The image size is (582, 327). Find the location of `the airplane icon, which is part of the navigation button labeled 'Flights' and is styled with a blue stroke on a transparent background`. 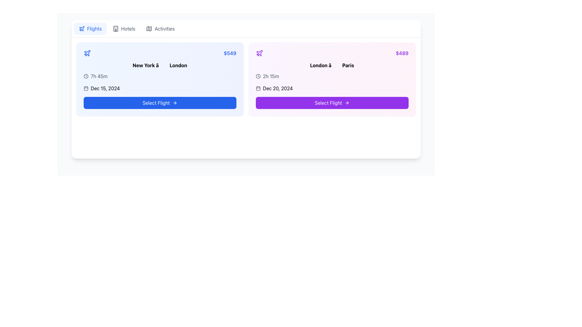

the airplane icon, which is part of the navigation button labeled 'Flights' and is styled with a blue stroke on a transparent background is located at coordinates (81, 29).